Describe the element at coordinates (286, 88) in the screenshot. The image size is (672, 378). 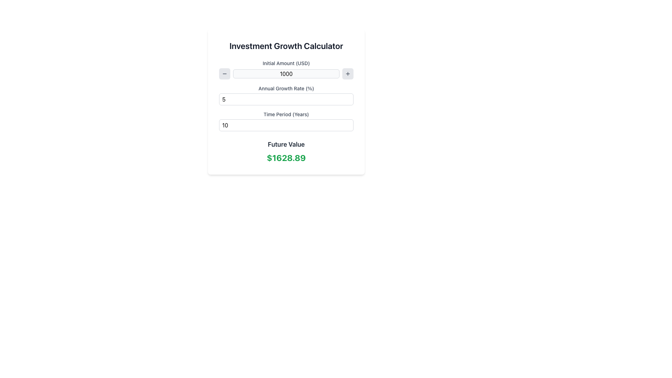
I see `the label for the annual growth rate percentage in the Investment Growth Calculator form, which is positioned above the second input field` at that location.